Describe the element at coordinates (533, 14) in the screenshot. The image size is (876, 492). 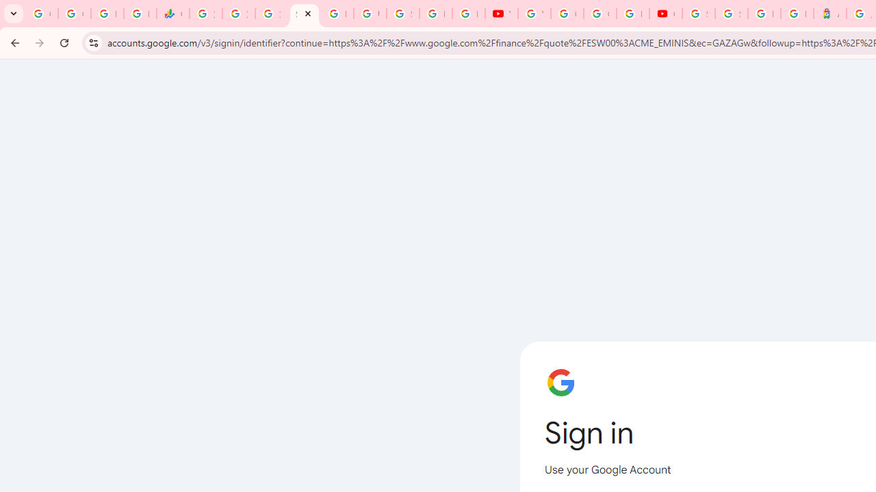
I see `'YouTube'` at that location.